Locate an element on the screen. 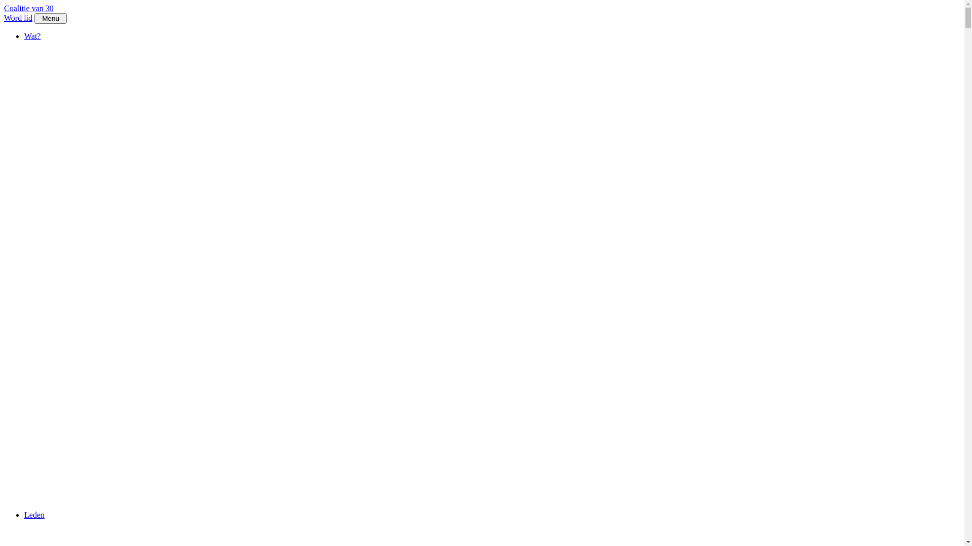  'Wat?' is located at coordinates (32, 35).